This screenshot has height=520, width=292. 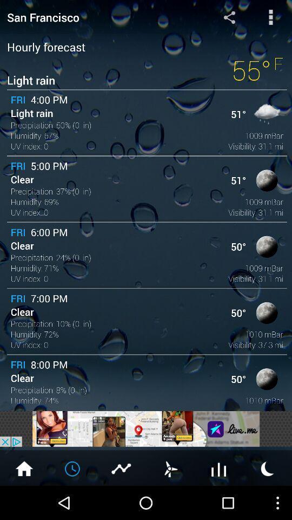 I want to click on homepage, so click(x=24, y=467).